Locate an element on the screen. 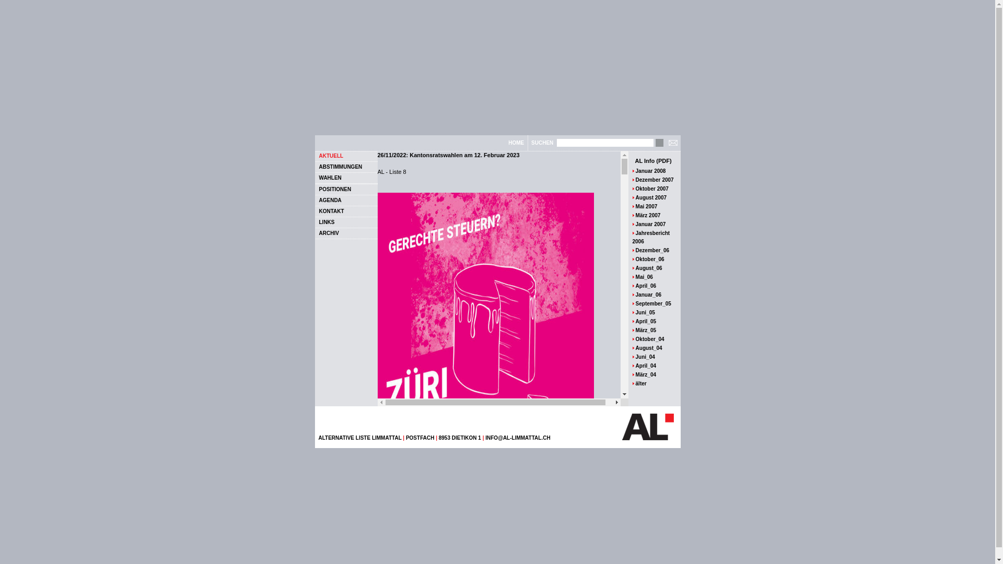  'August_06' is located at coordinates (648, 267).